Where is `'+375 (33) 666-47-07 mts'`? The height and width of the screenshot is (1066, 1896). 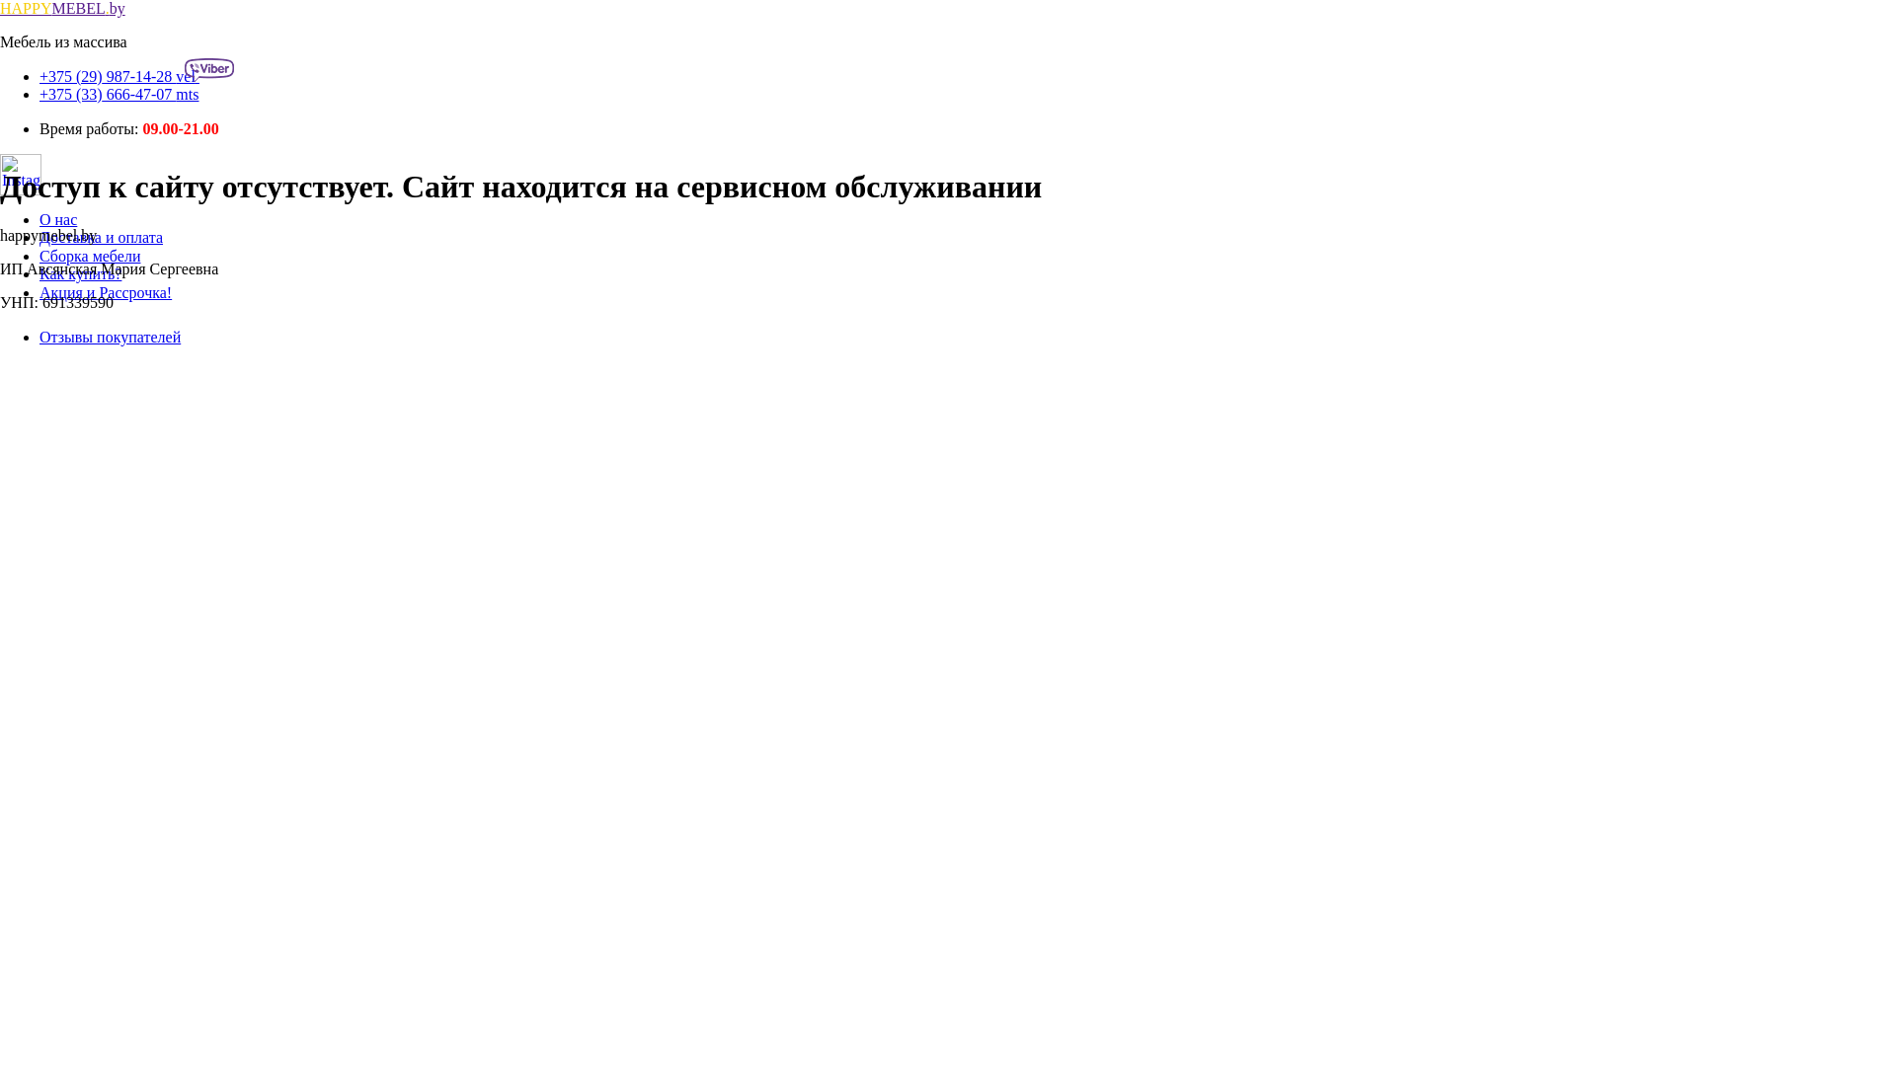 '+375 (33) 666-47-07 mts' is located at coordinates (118, 94).